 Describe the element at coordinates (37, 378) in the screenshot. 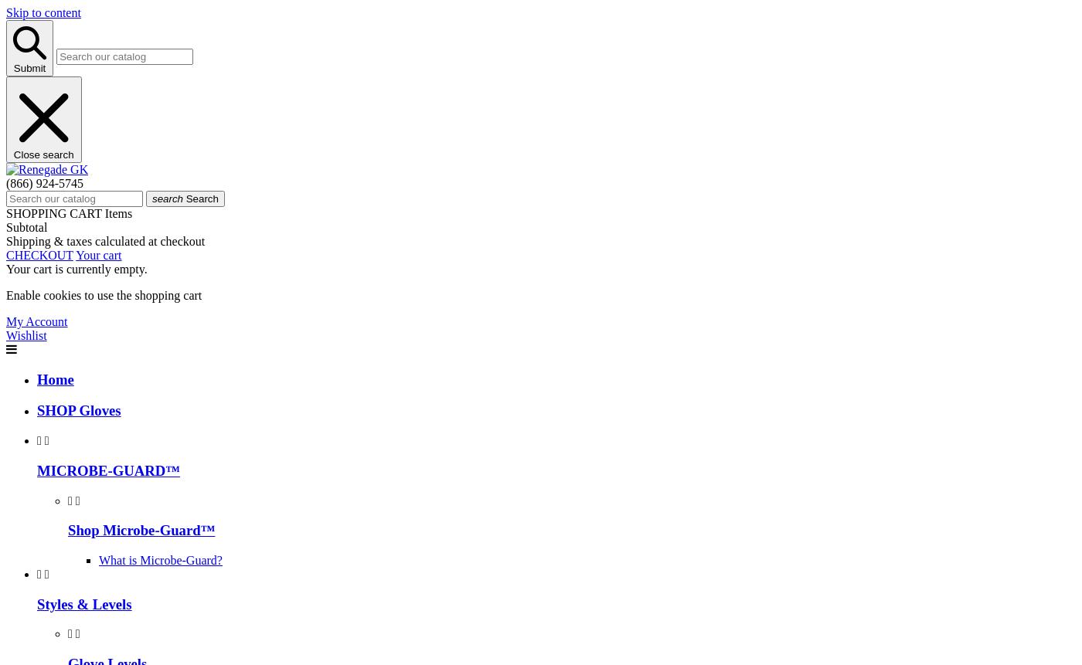

I see `'Home'` at that location.